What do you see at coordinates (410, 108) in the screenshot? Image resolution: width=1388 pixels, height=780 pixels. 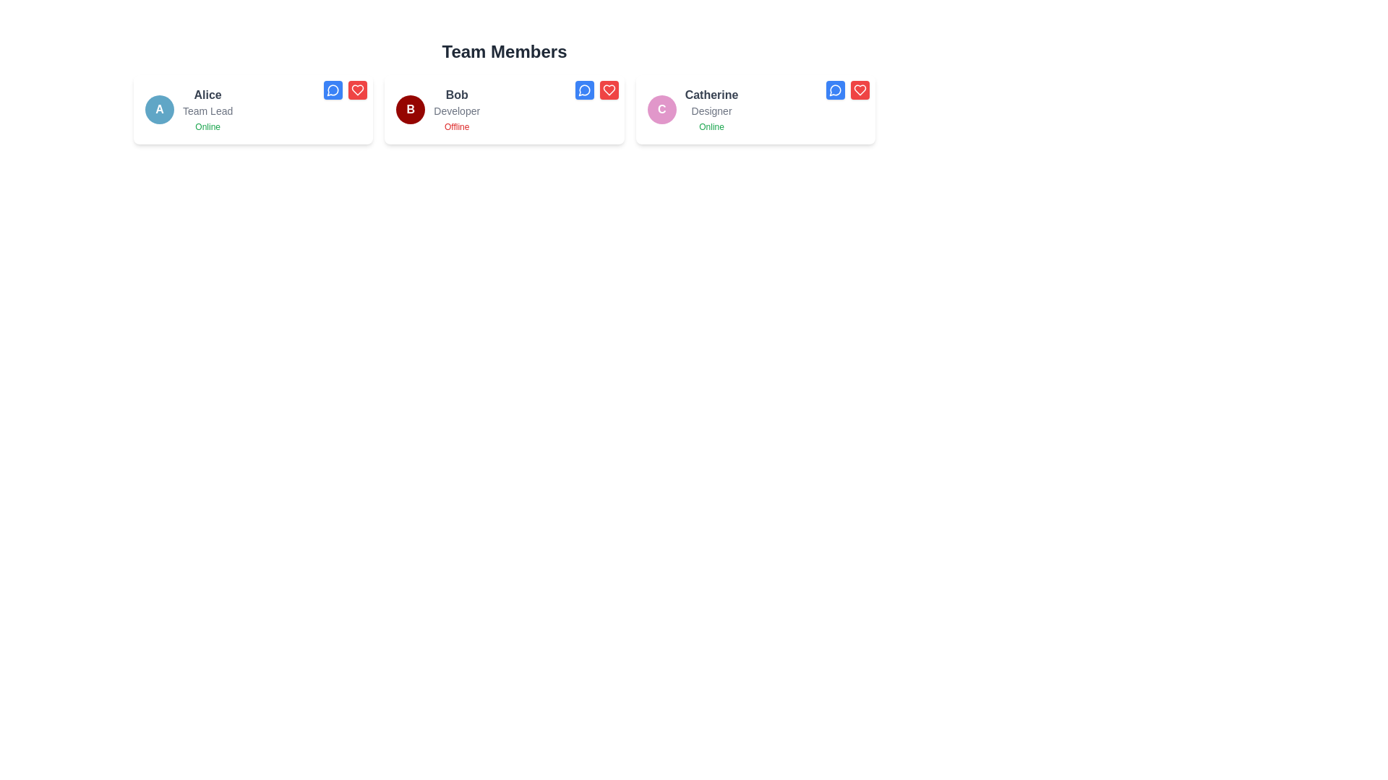 I see `the Profile icon representing the user named 'Bob', located on the left side of Bob's card in the 'Team Members' row` at bounding box center [410, 108].